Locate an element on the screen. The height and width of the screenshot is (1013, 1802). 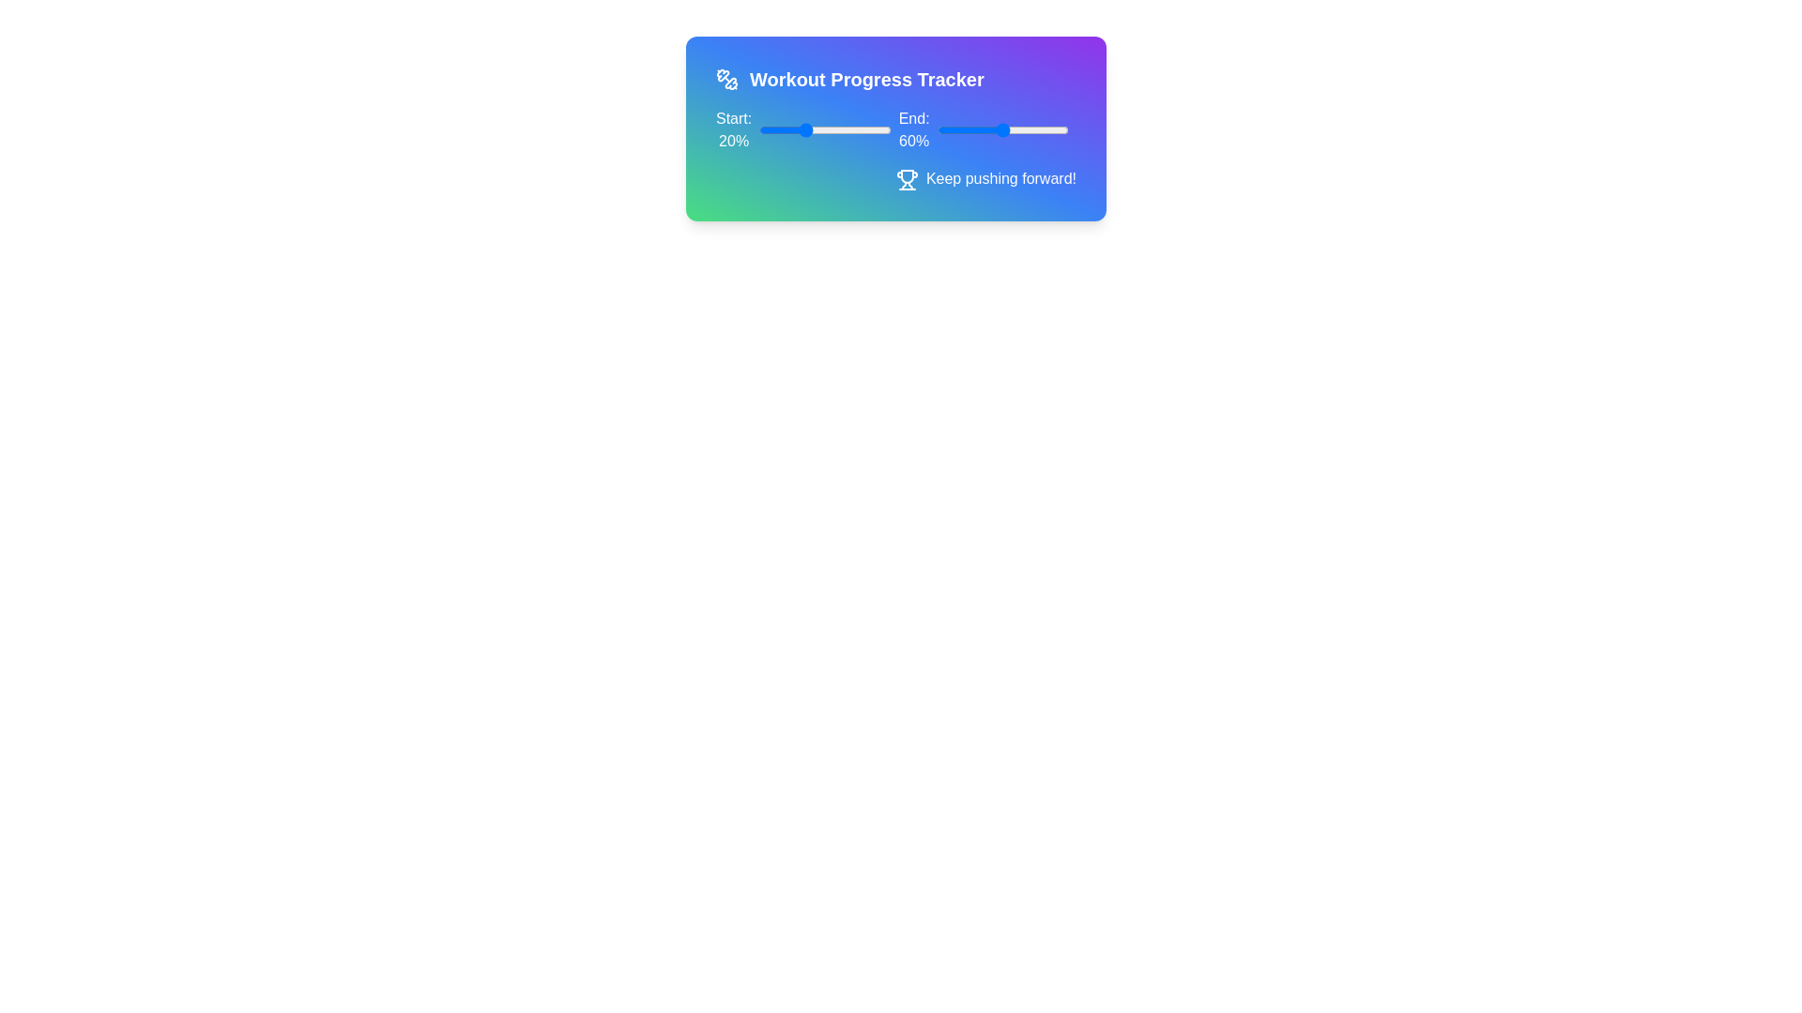
the decorative icon representing progress in the 'Workout Progress Tracker' component is located at coordinates (907, 176).